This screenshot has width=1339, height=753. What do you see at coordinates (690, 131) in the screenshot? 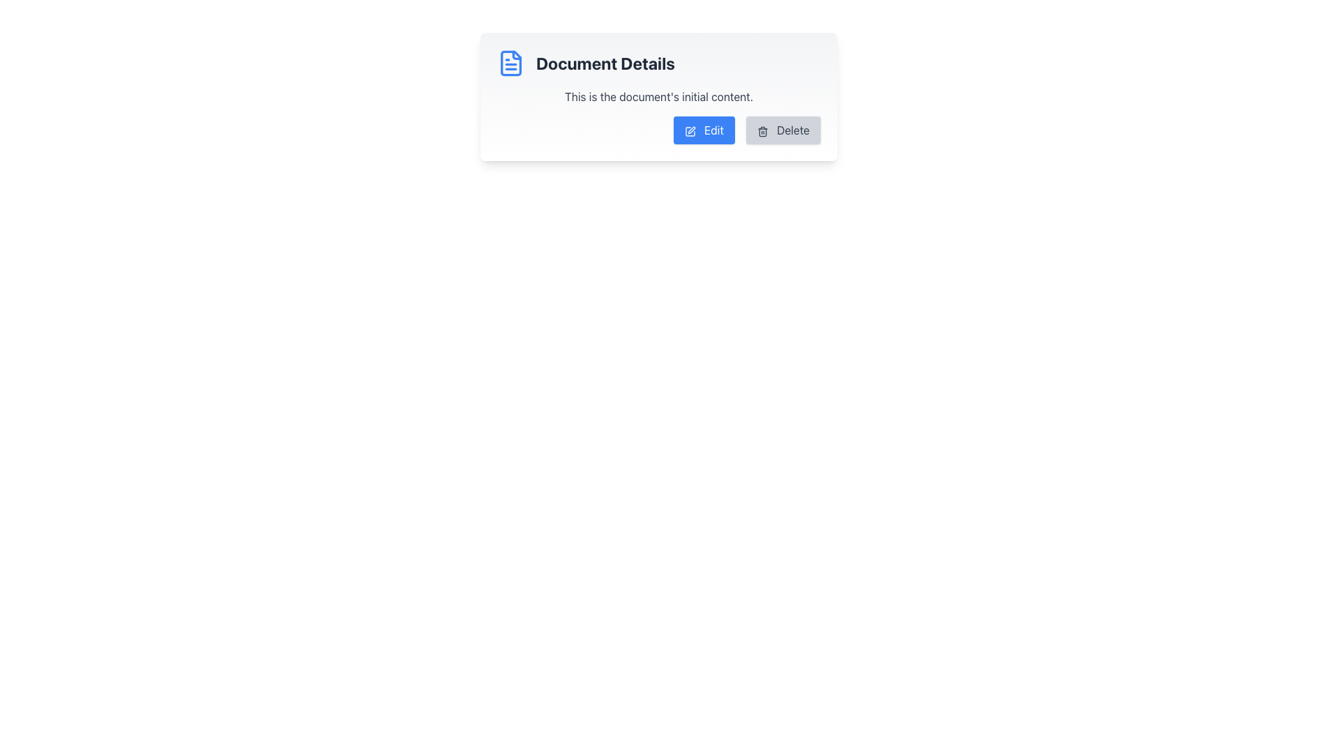
I see `the edit icon located at the leftmost section of the 'Edit' button` at bounding box center [690, 131].